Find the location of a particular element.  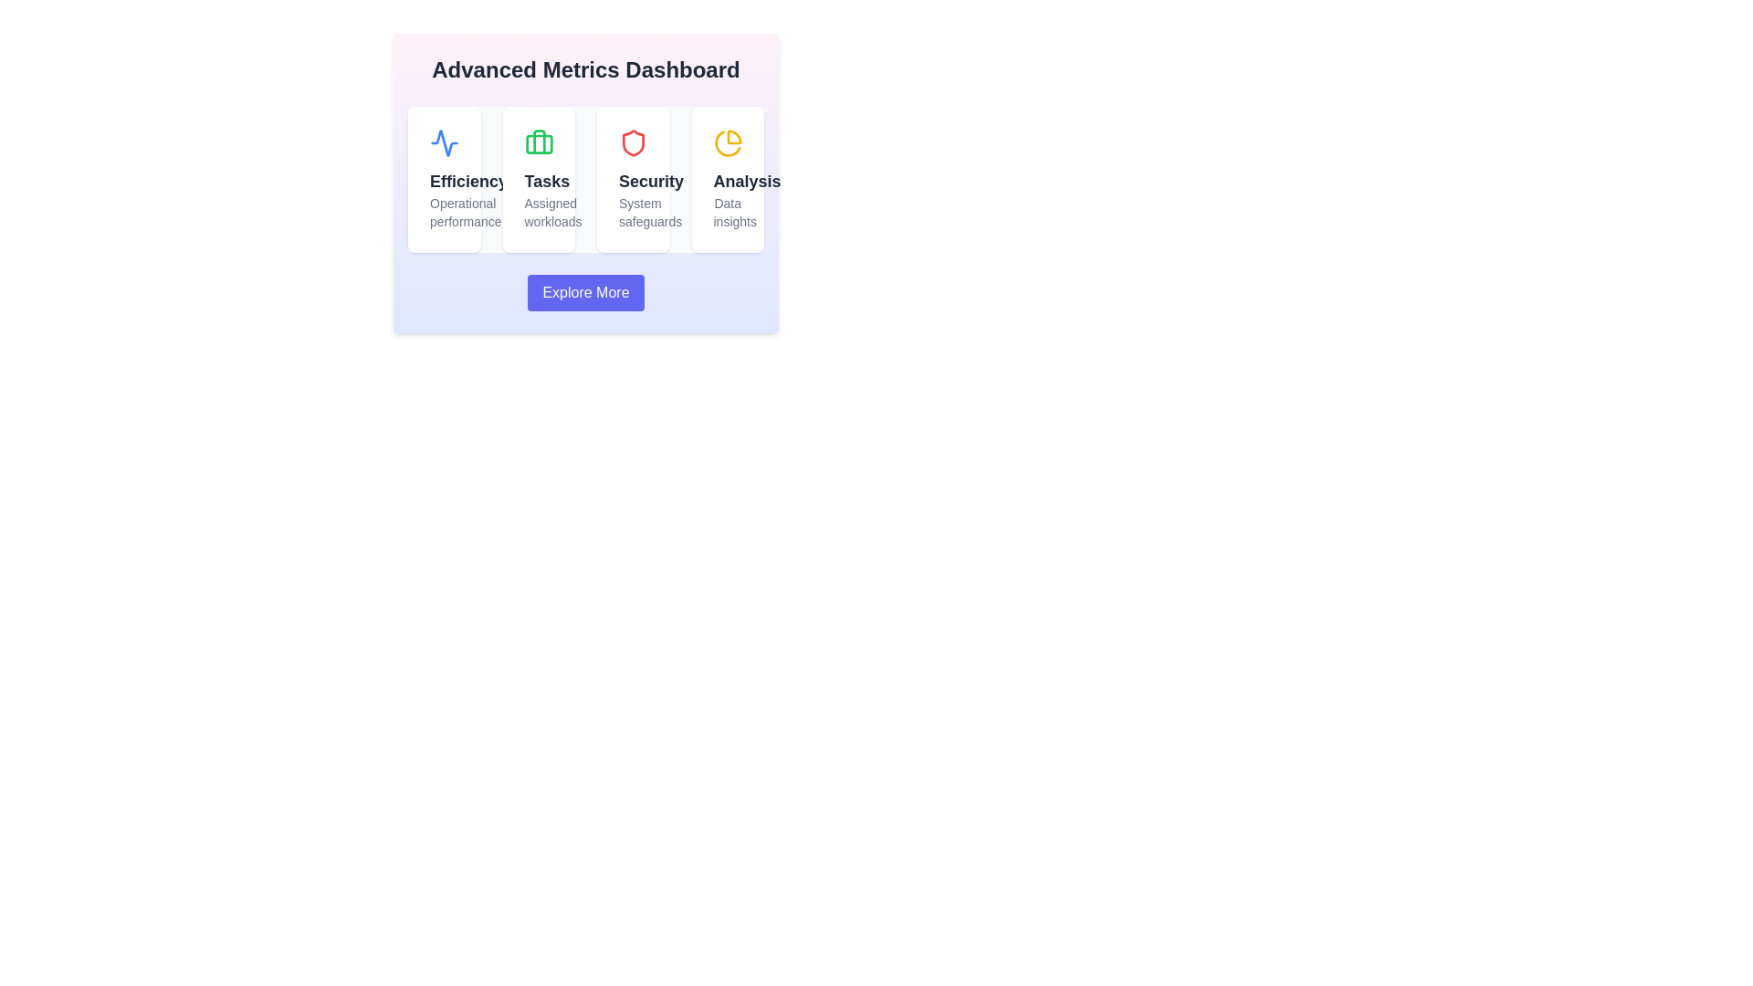

the blue waveform-style icon representing efficiency located in the upper part of the first card in a row of four cards on the 'Advanced Metrics Dashboard' is located at coordinates (444, 142).